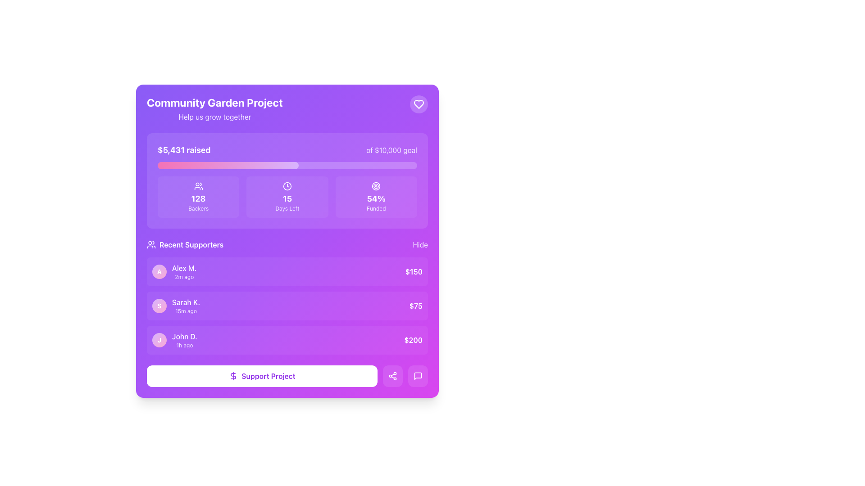 The height and width of the screenshot is (486, 865). Describe the element at coordinates (184, 345) in the screenshot. I see `timestamp displayed as '1h ago' in a light purple text label located at the bottom-right corner of the block associated with user 'John D.'` at that location.